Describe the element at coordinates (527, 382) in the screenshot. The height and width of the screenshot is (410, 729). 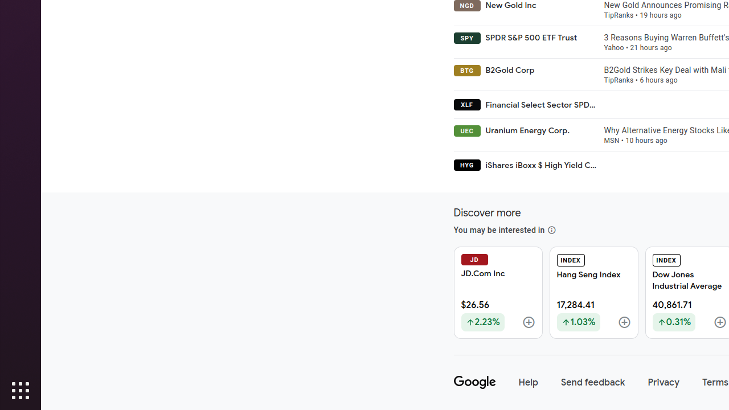
I see `'Help'` at that location.